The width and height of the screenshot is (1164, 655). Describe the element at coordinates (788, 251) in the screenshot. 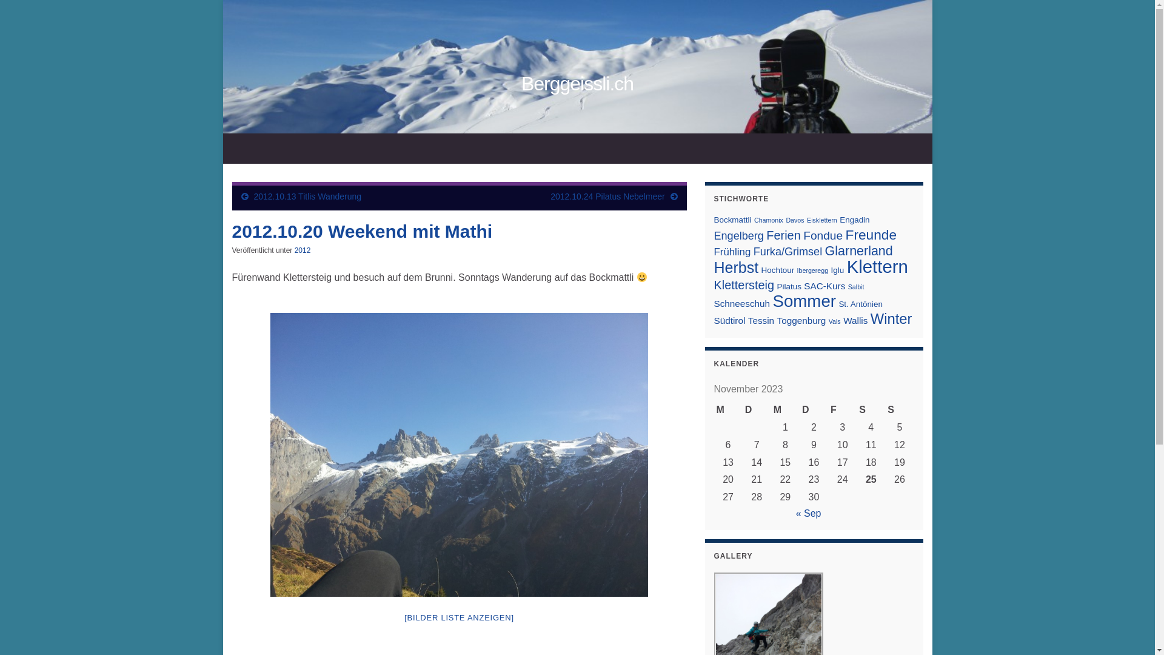

I see `'Furka/Grimsel'` at that location.